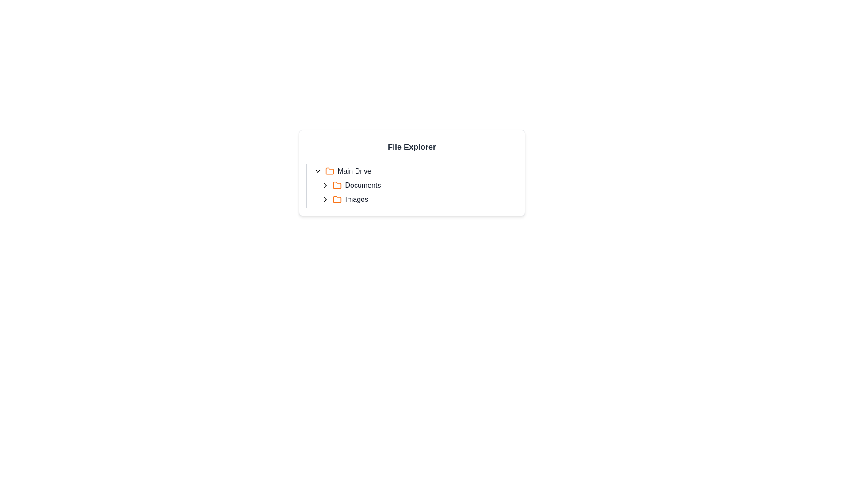 The height and width of the screenshot is (477, 849). What do you see at coordinates (356, 199) in the screenshot?
I see `the 'Images' text label in the file browser section` at bounding box center [356, 199].